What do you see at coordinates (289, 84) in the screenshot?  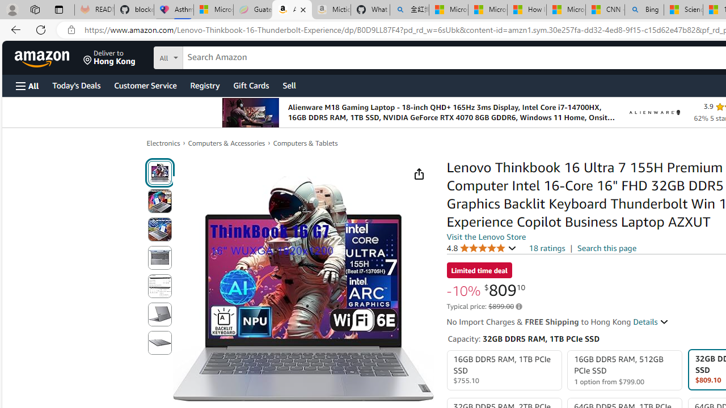 I see `'Sell'` at bounding box center [289, 84].